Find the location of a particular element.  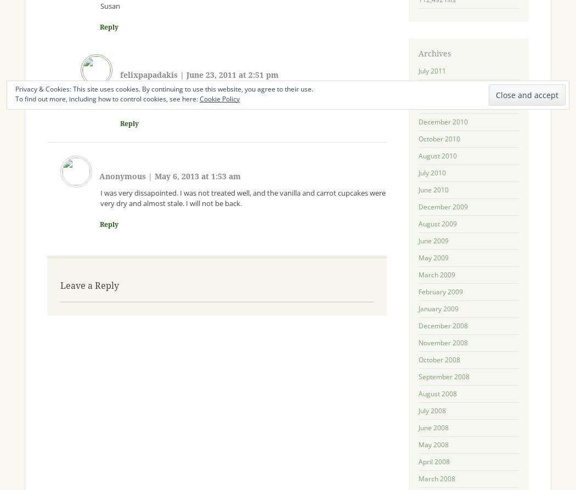

'May 2009' is located at coordinates (432, 257).